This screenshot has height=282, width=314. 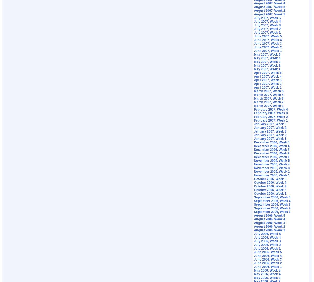 I want to click on 'December 2006, Week 4', so click(x=272, y=146).